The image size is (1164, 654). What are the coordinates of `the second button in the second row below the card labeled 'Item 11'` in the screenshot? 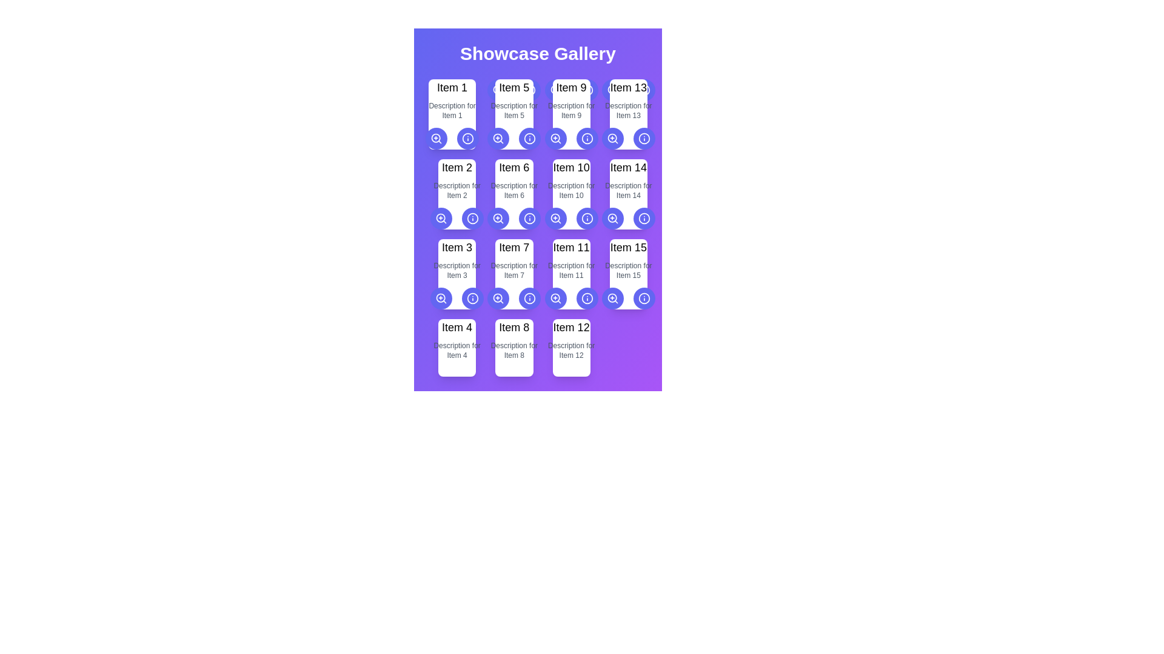 It's located at (587, 219).